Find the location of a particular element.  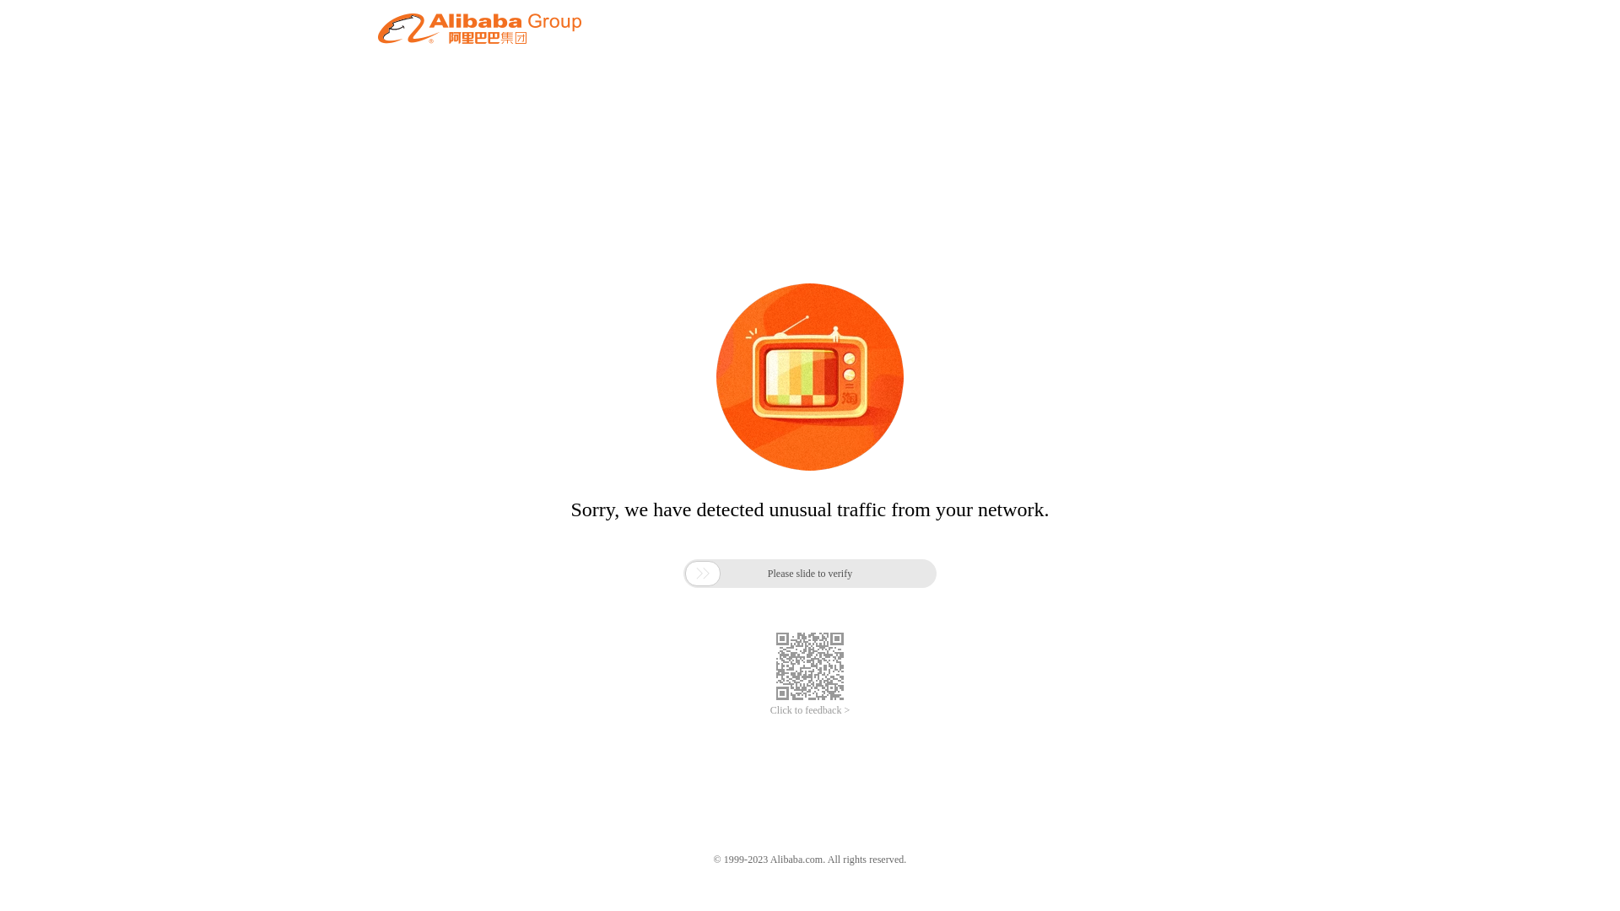

'Click to feedback >' is located at coordinates (769, 710).